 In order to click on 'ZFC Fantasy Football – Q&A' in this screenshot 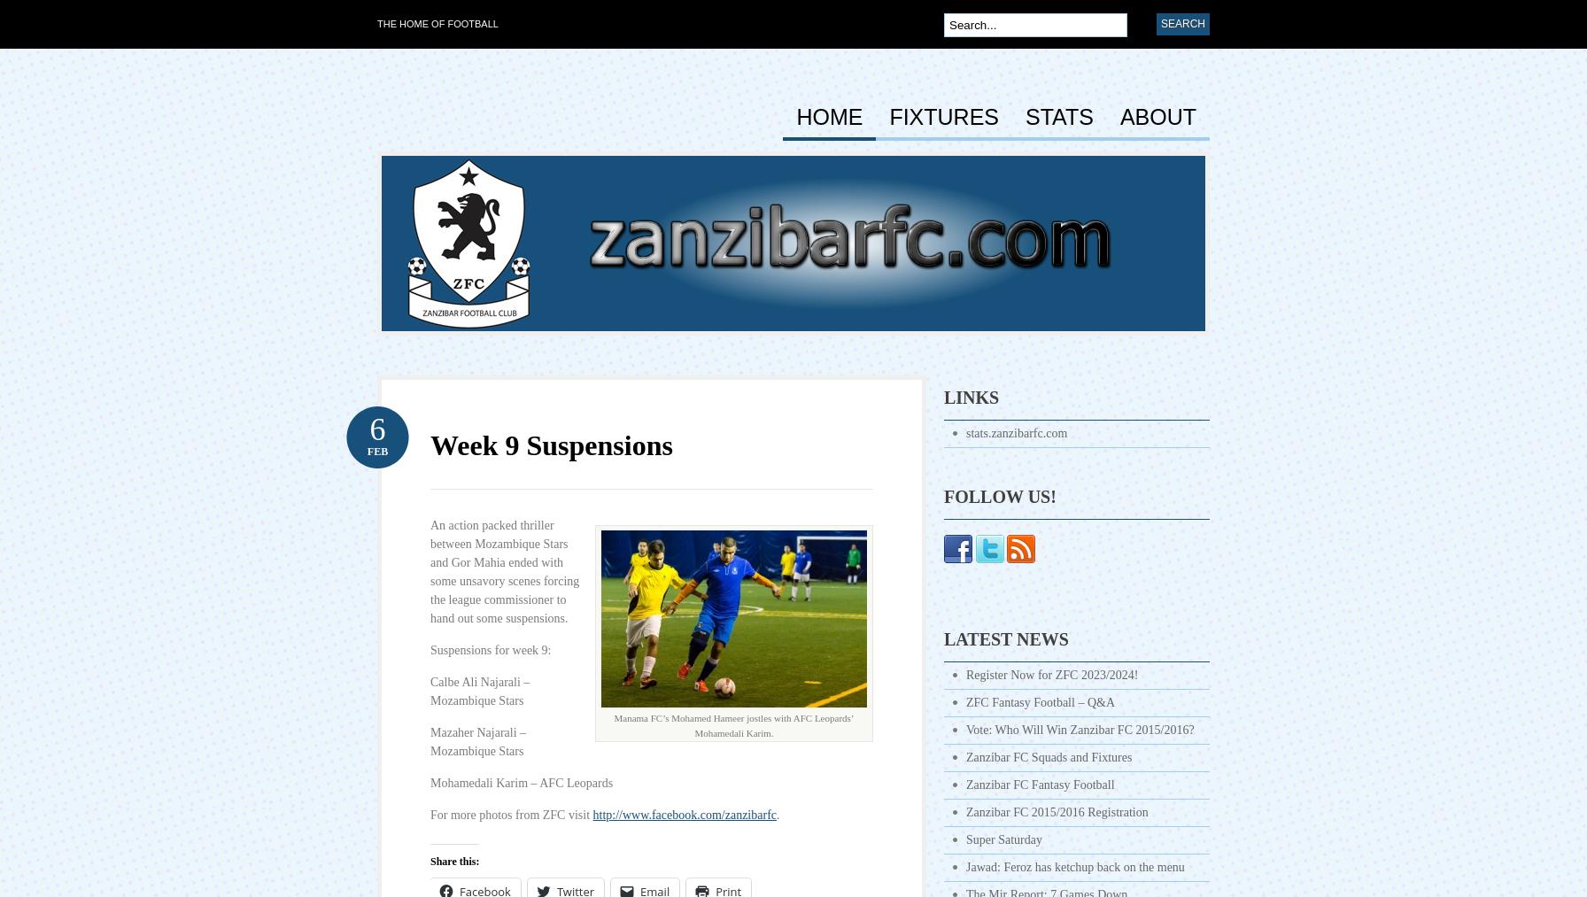, I will do `click(1041, 702)`.